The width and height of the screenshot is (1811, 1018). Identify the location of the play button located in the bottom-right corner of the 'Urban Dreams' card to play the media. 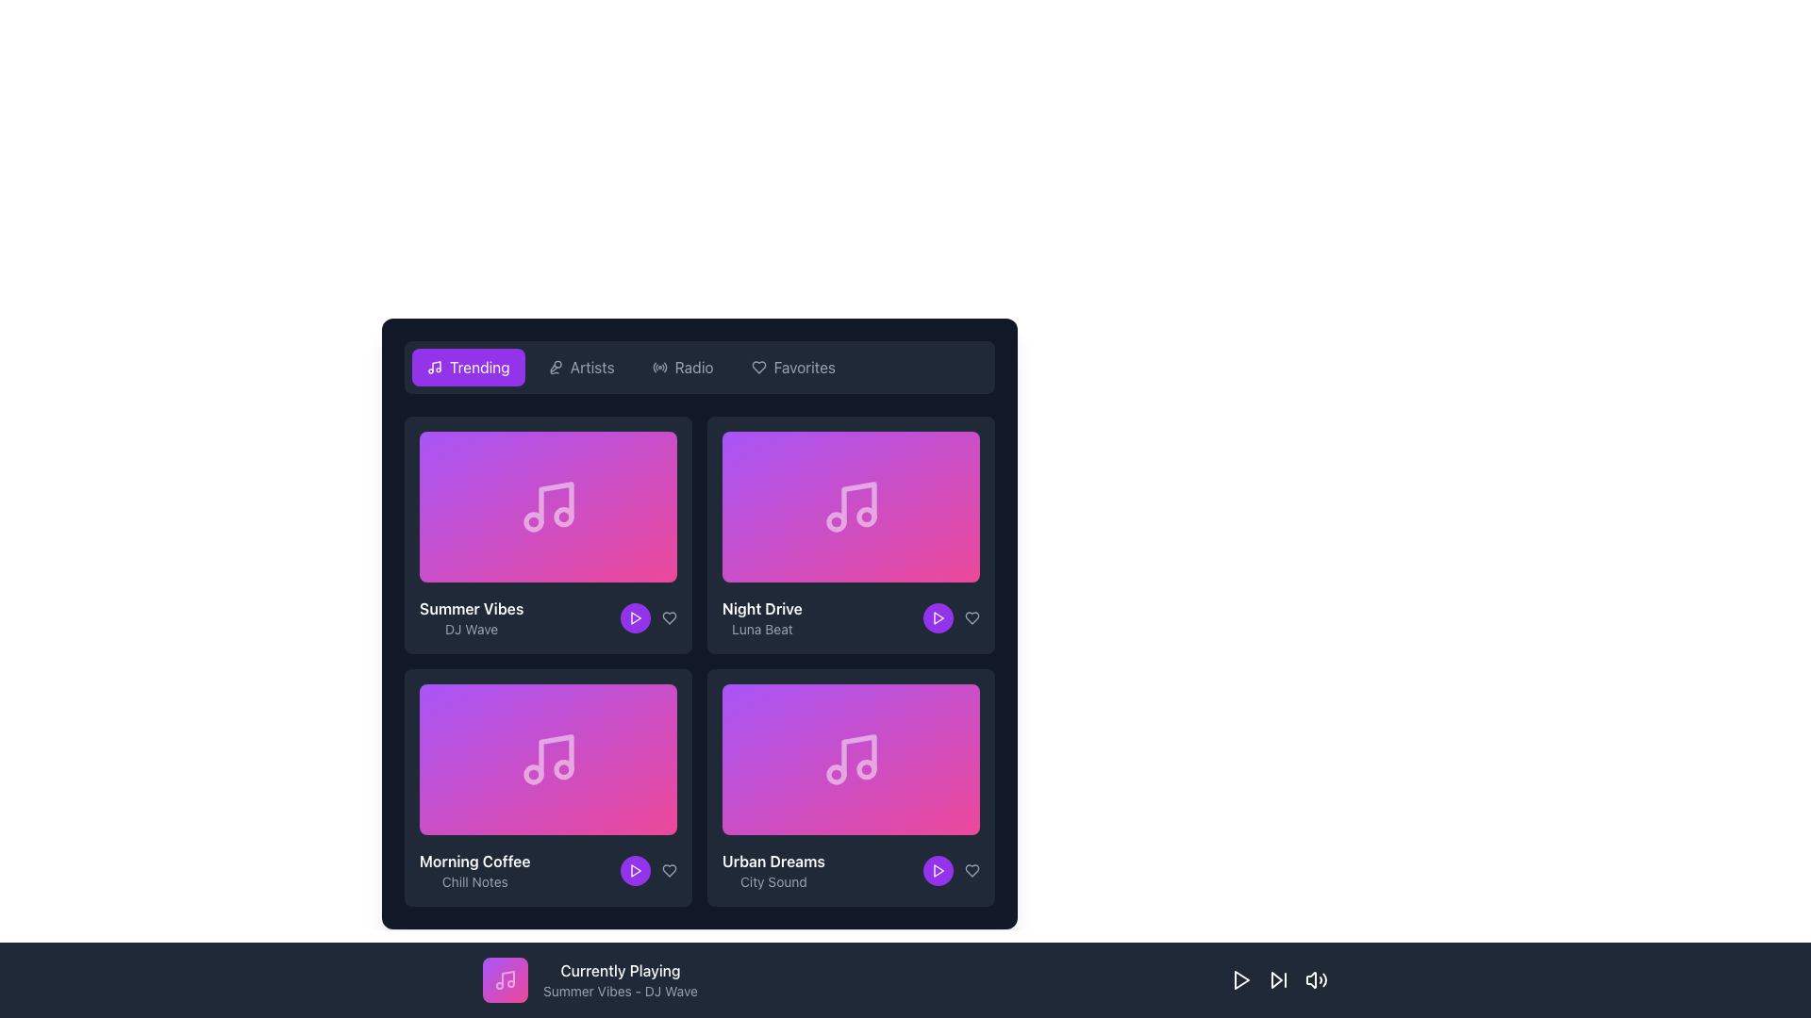
(938, 871).